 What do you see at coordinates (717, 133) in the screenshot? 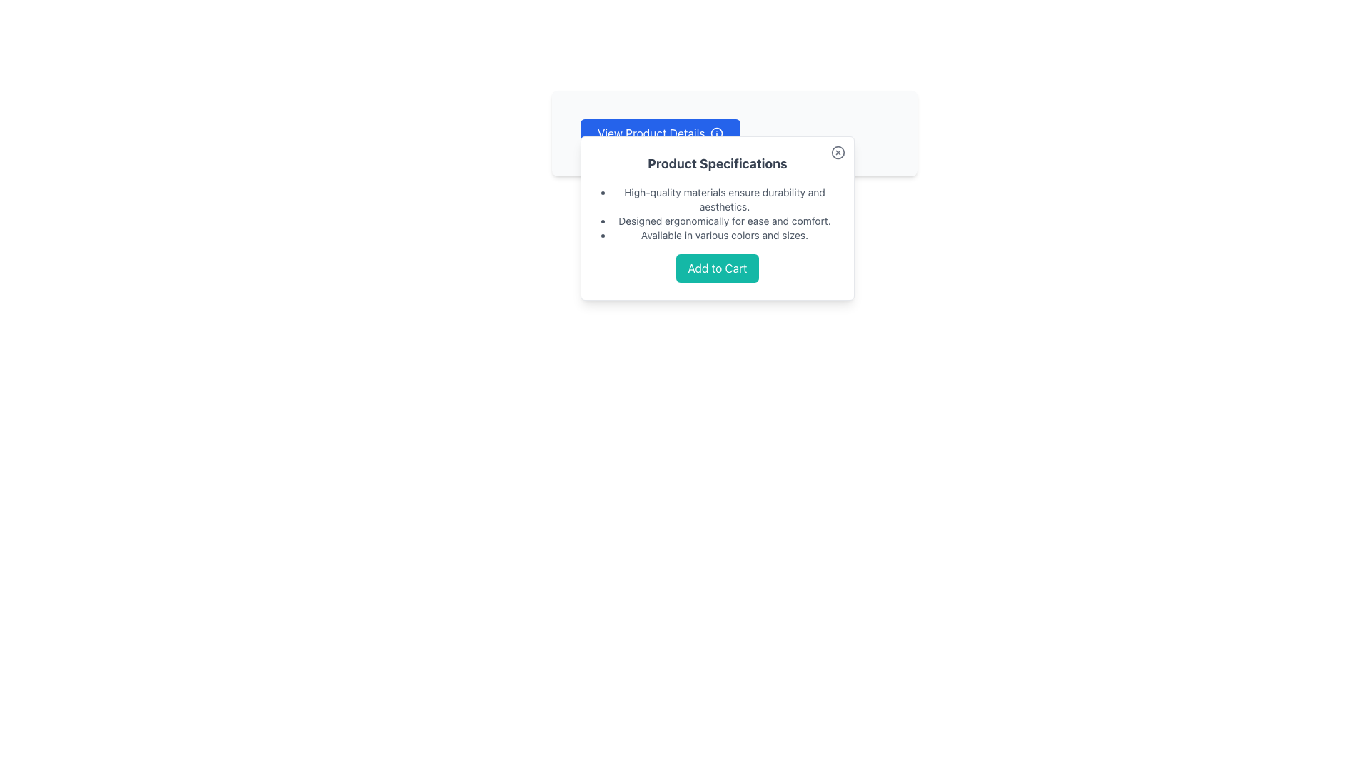
I see `the small circular icon with an 'info' symbol located on the right side of the 'View Product Details' button` at bounding box center [717, 133].